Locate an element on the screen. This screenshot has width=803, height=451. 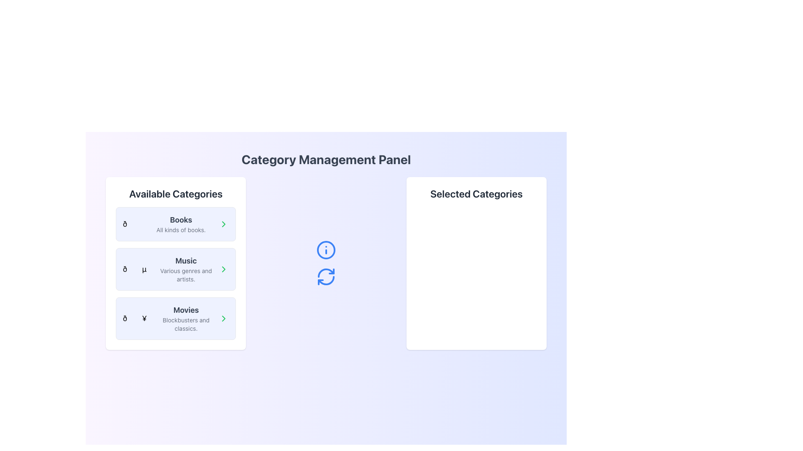
the 'Music' category item in the 'Available Categories' list is located at coordinates (170, 269).